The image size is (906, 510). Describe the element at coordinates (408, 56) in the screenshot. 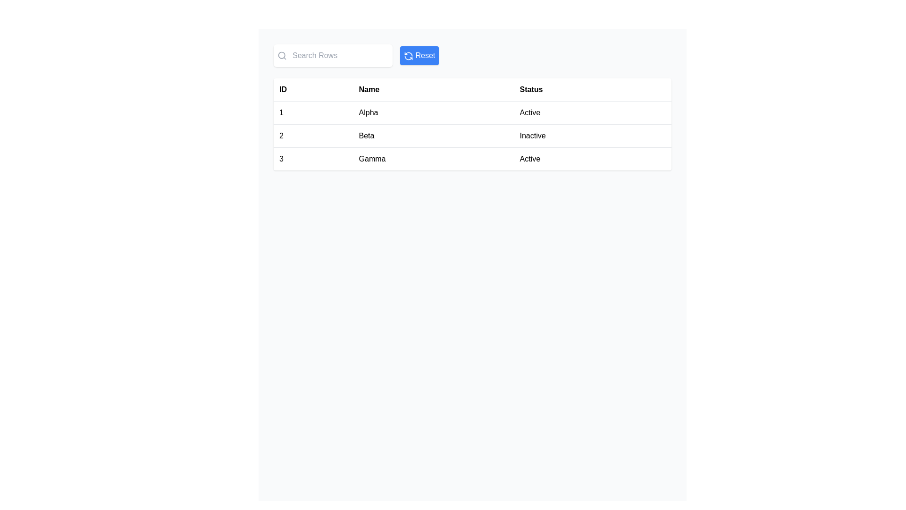

I see `the center of the blue 'Reset' button icon to refresh the current state or view` at that location.